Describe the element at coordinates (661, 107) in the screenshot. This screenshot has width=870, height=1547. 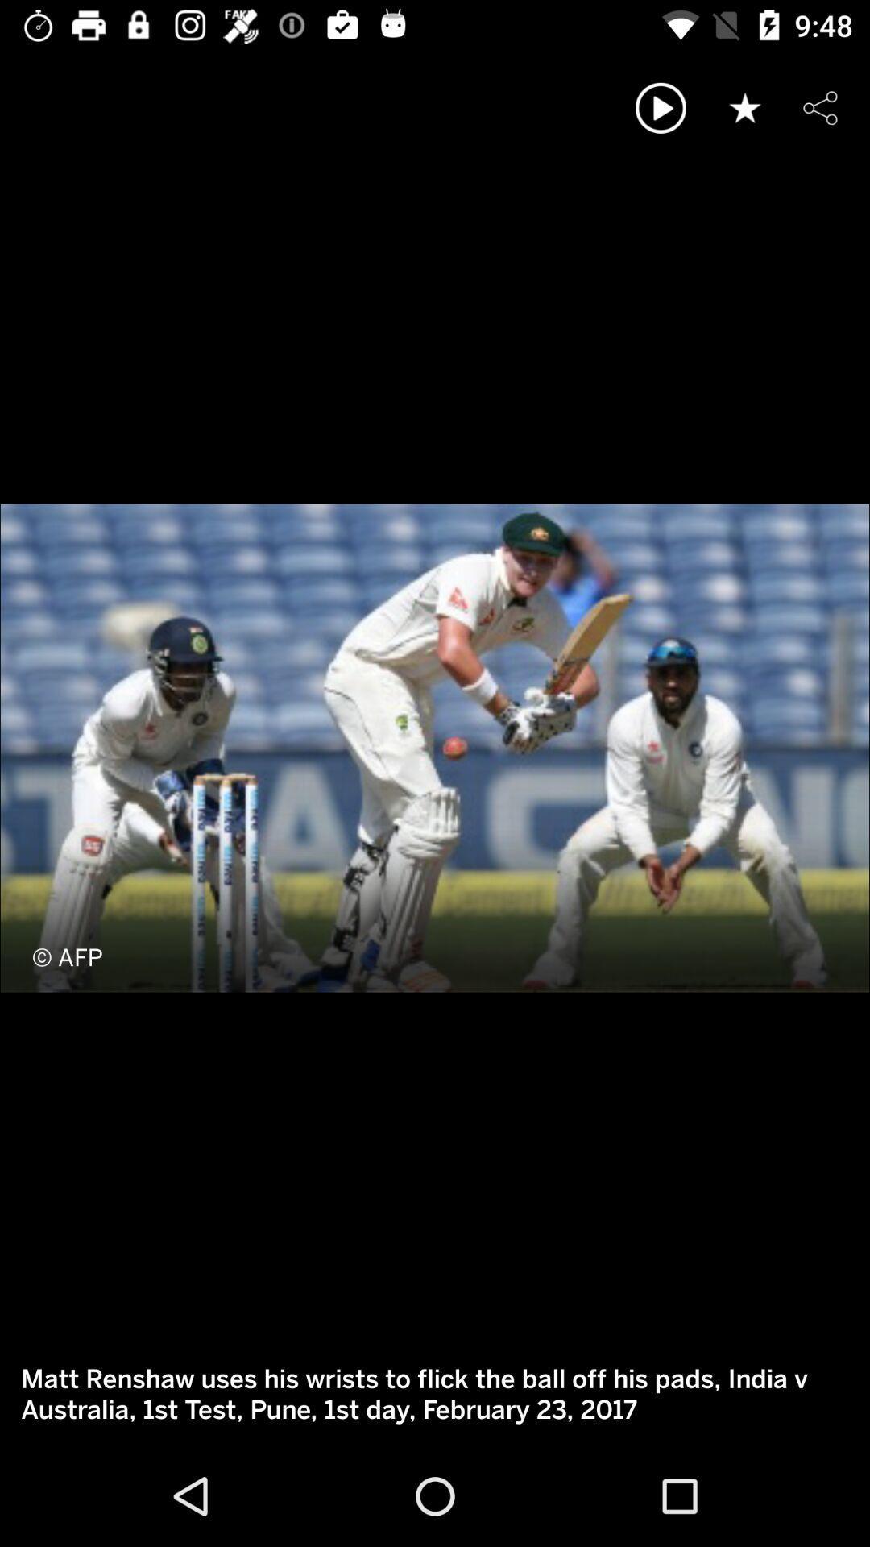
I see `video` at that location.